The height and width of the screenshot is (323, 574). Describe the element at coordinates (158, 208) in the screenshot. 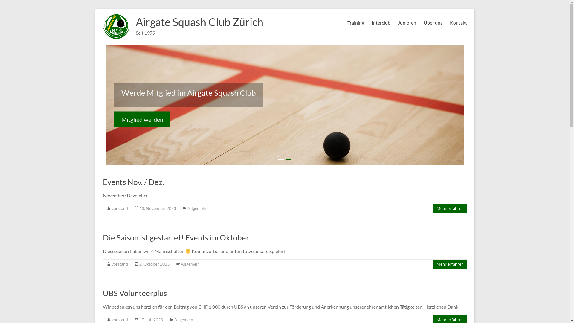

I see `'10. November 2023'` at that location.